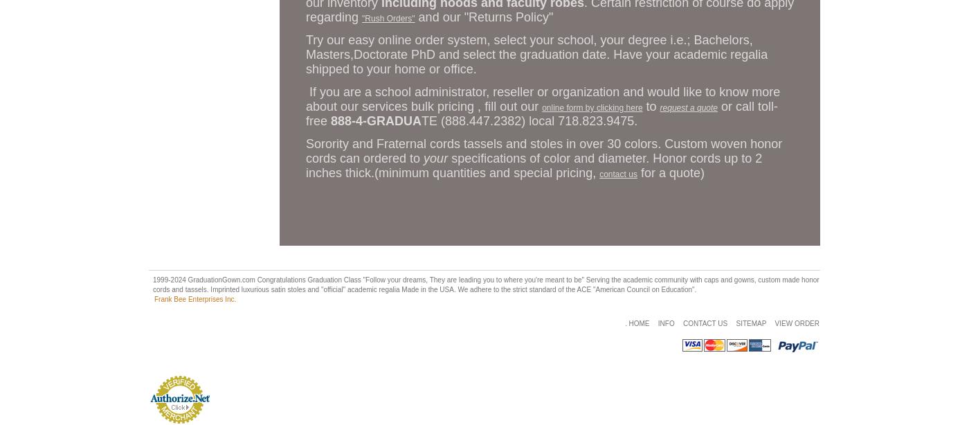 The image size is (969, 425). What do you see at coordinates (665, 323) in the screenshot?
I see `'Info'` at bounding box center [665, 323].